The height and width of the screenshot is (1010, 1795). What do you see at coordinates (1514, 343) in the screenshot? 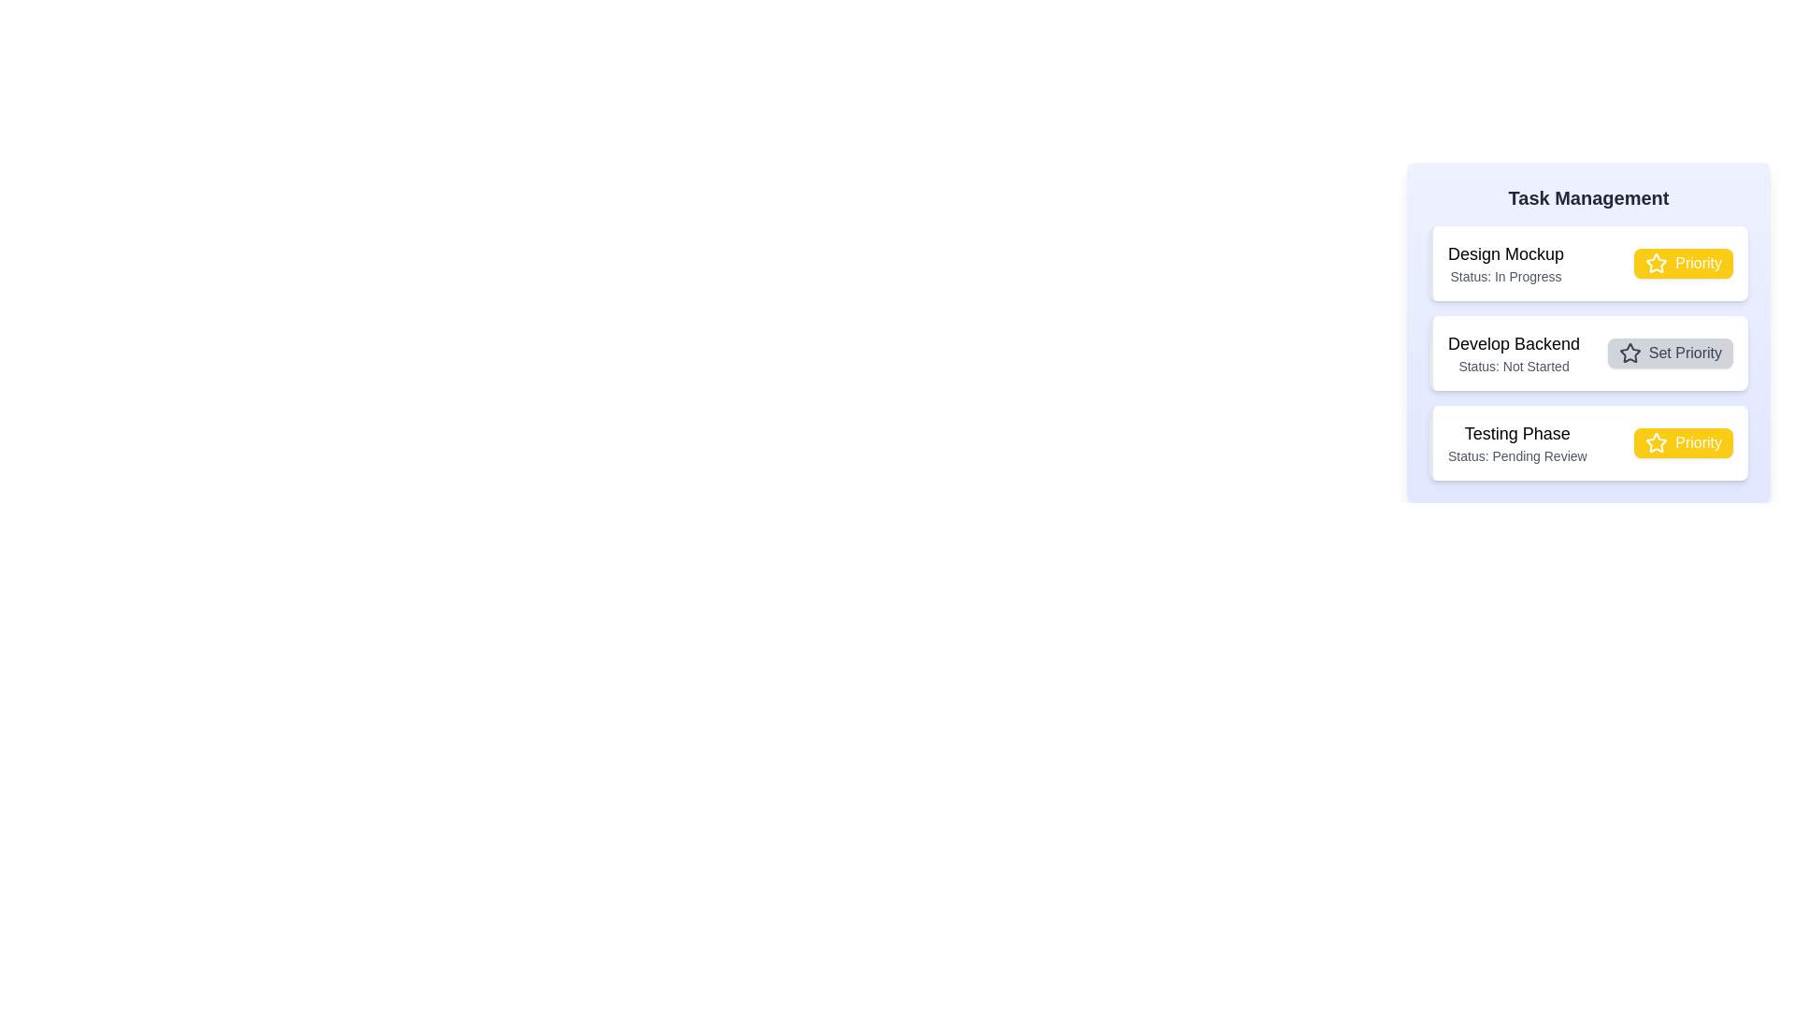
I see `the task titled Develop Backend` at bounding box center [1514, 343].